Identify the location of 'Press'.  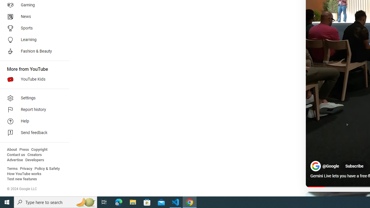
(24, 149).